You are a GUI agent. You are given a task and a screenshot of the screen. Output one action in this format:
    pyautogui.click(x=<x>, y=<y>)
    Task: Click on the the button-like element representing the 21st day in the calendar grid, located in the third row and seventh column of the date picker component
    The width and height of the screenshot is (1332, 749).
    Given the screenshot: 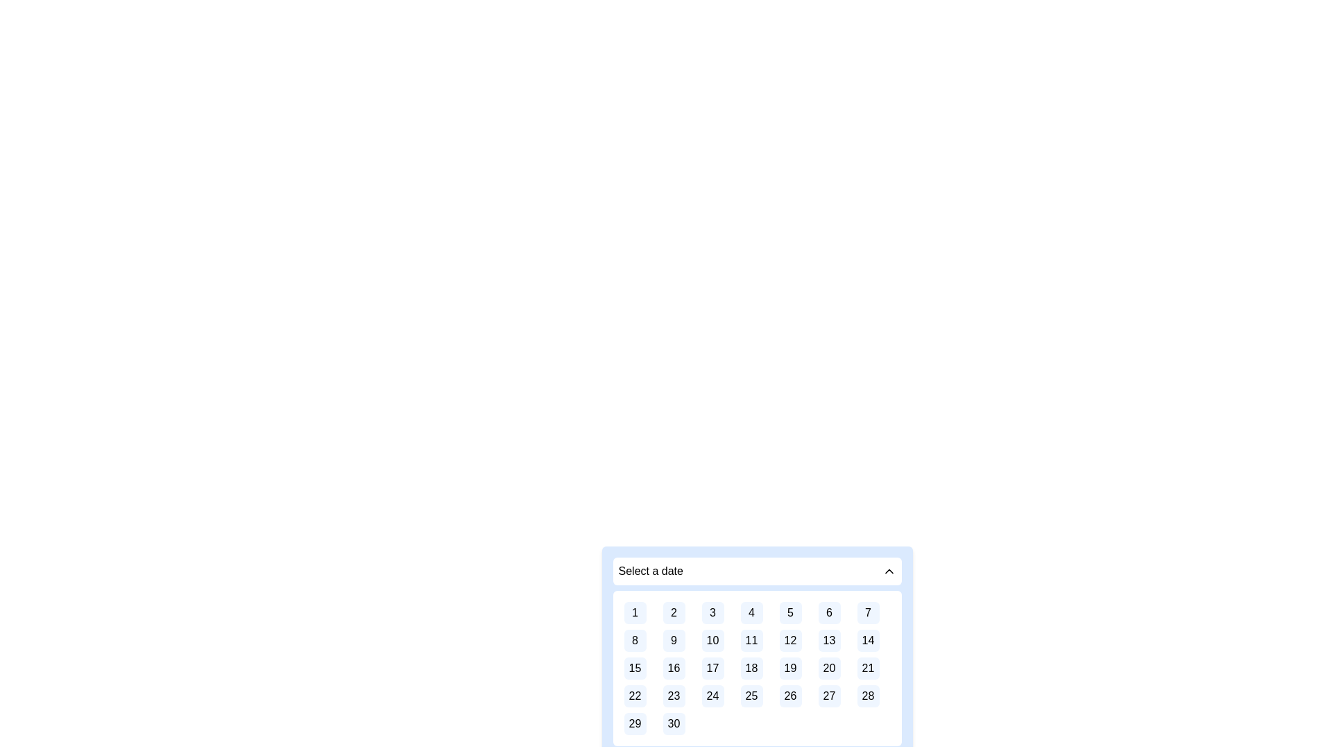 What is the action you would take?
    pyautogui.click(x=867, y=668)
    